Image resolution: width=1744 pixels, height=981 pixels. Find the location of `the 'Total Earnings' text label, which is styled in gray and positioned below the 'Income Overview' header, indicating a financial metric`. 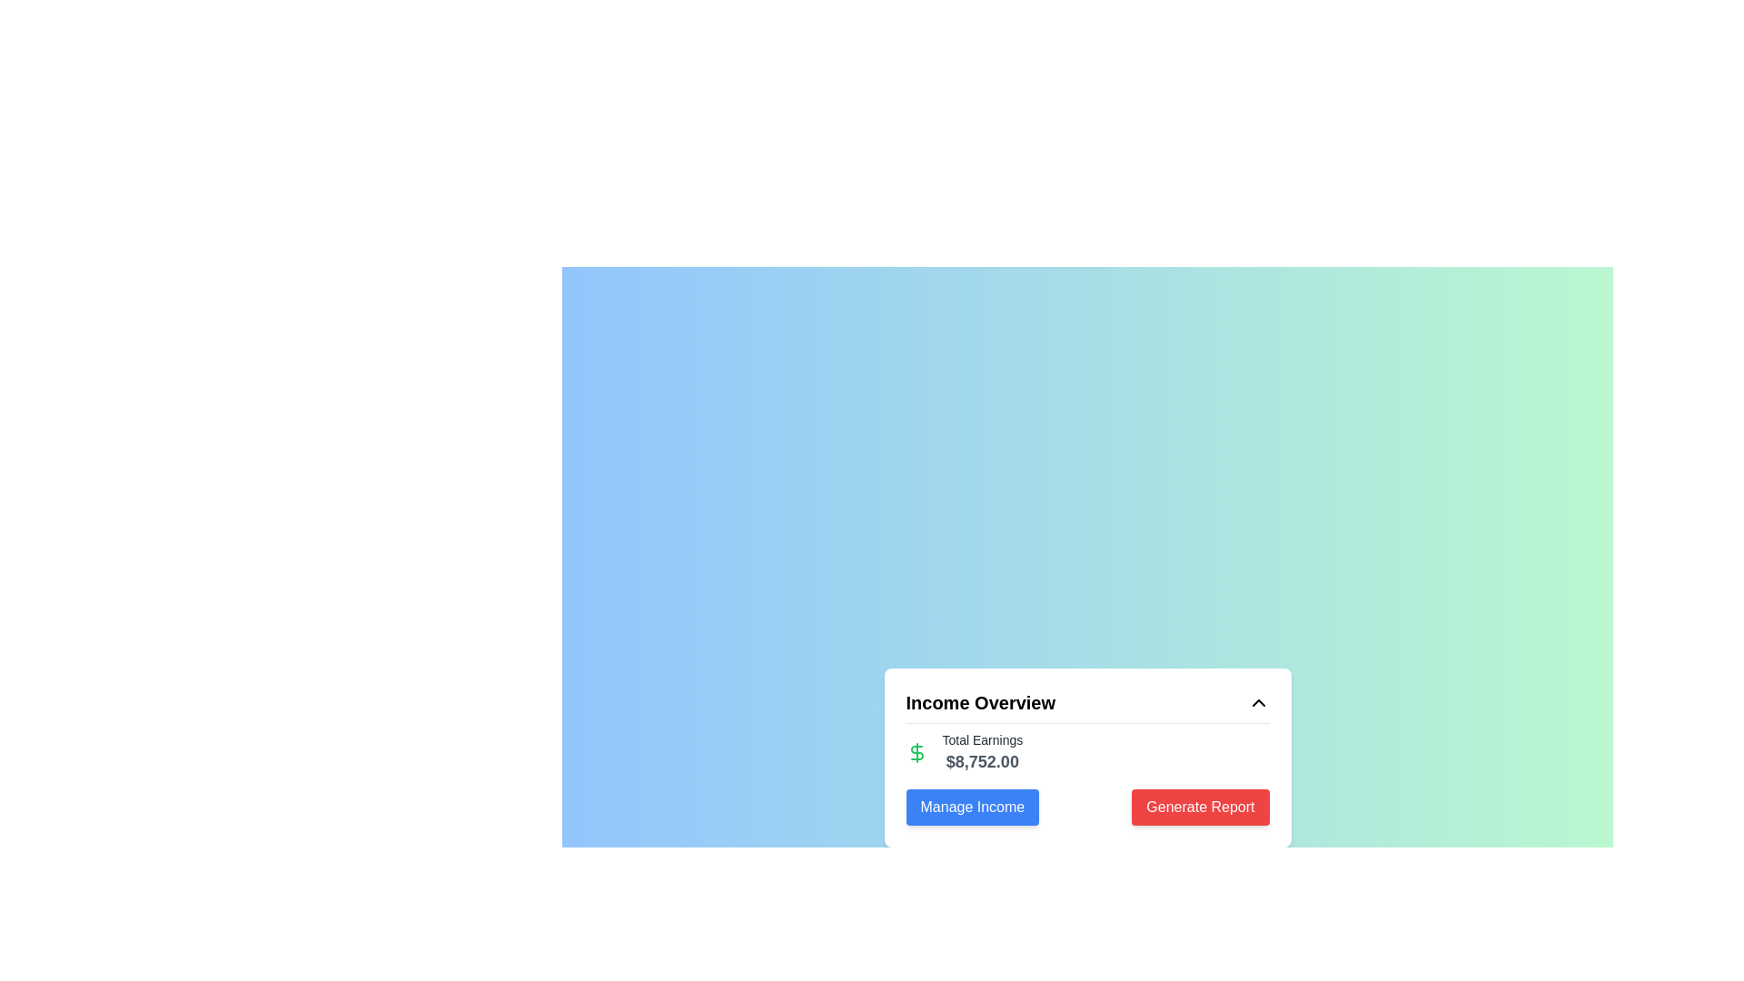

the 'Total Earnings' text label, which is styled in gray and positioned below the 'Income Overview' header, indicating a financial metric is located at coordinates (981, 739).